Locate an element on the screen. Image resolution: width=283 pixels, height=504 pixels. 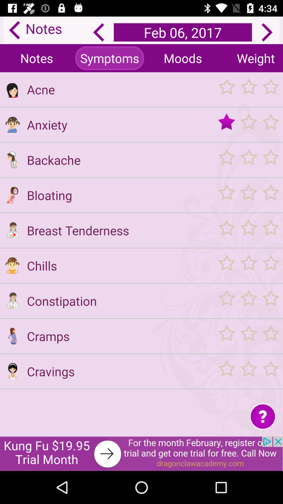
see symptoms for cramps is located at coordinates (12, 336).